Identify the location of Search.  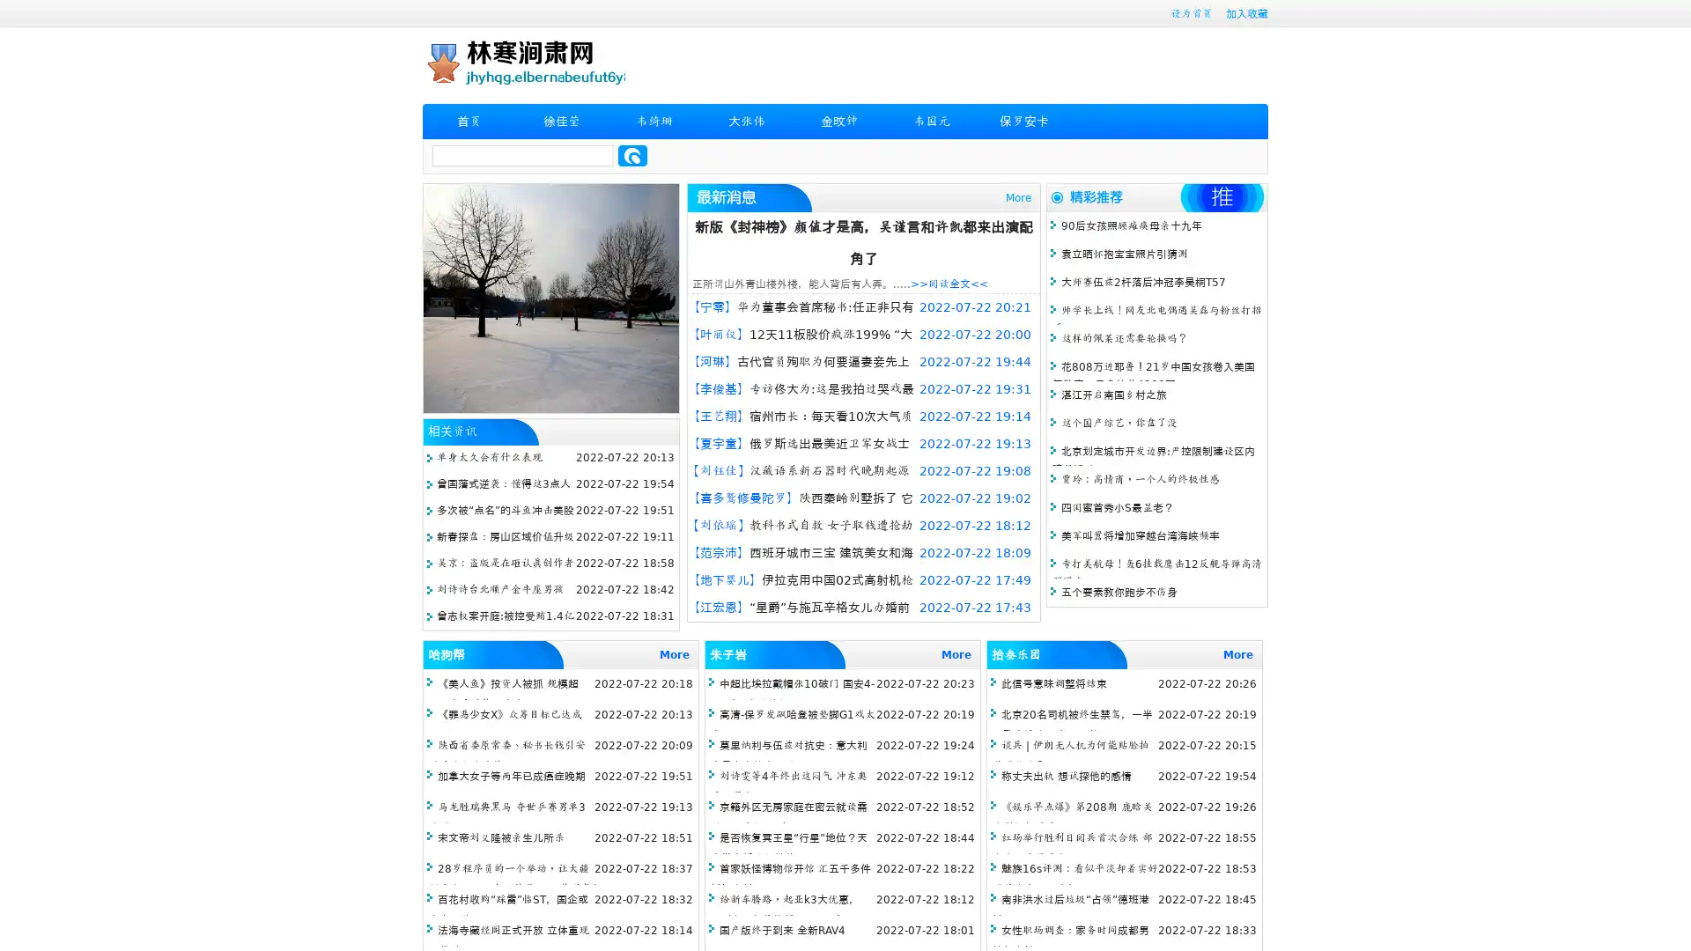
(632, 155).